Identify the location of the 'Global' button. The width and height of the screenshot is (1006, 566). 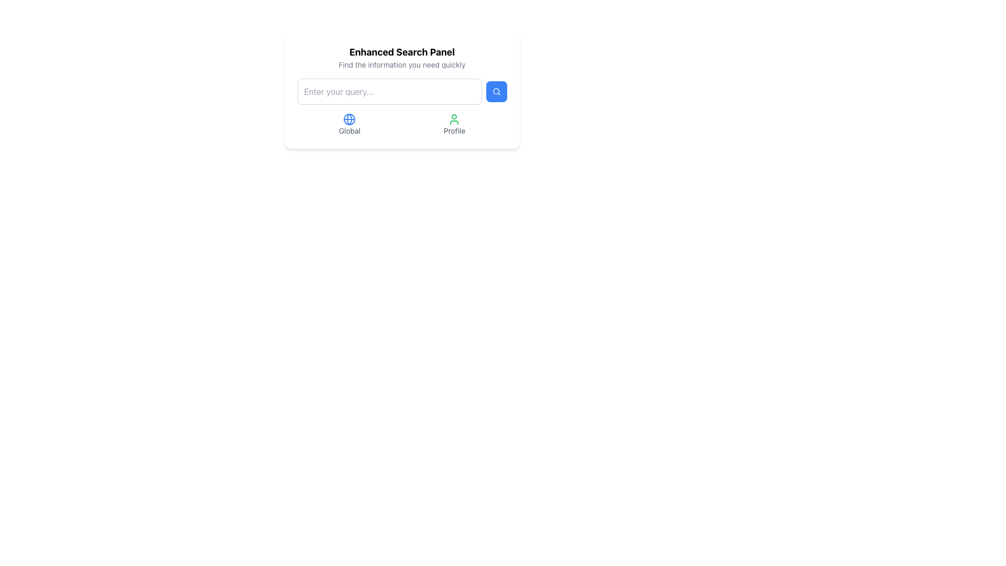
(349, 124).